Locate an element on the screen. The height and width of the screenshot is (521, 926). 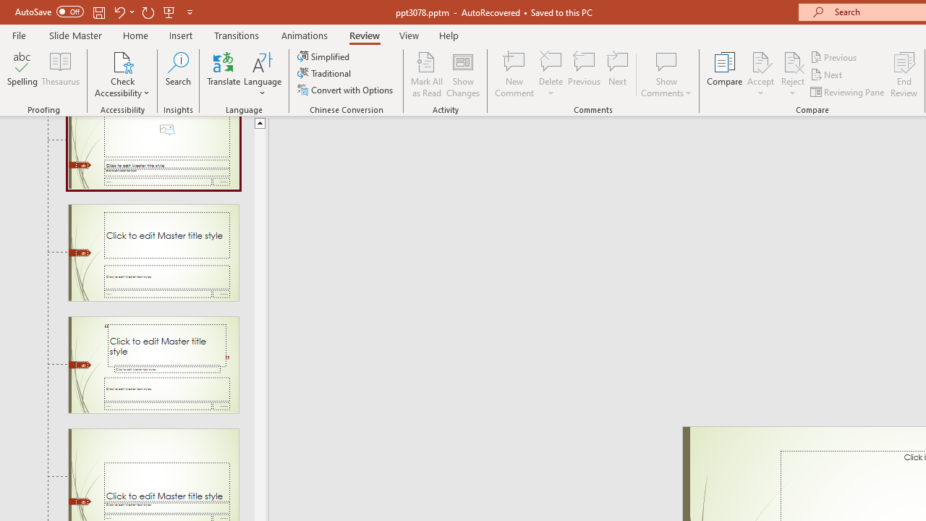
'Convert with Options...' is located at coordinates (346, 90).